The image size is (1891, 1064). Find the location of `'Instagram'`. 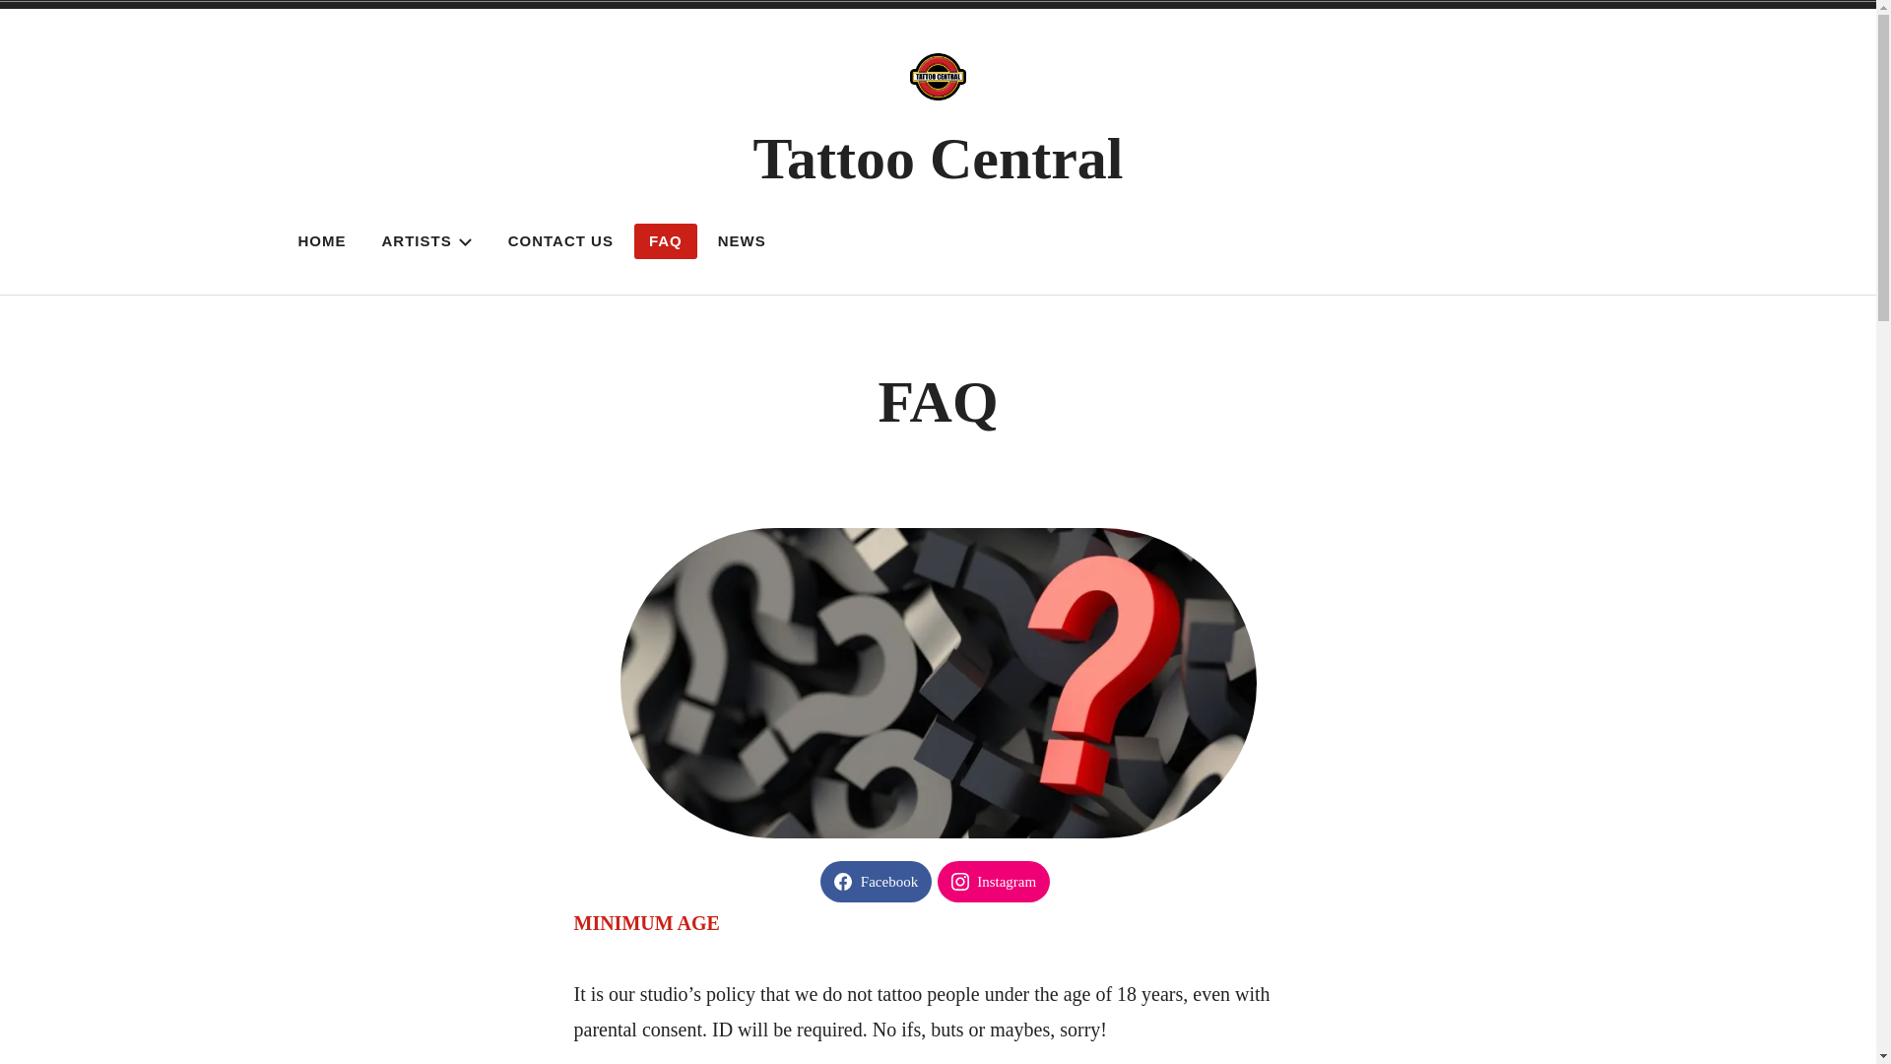

'Instagram' is located at coordinates (993, 880).